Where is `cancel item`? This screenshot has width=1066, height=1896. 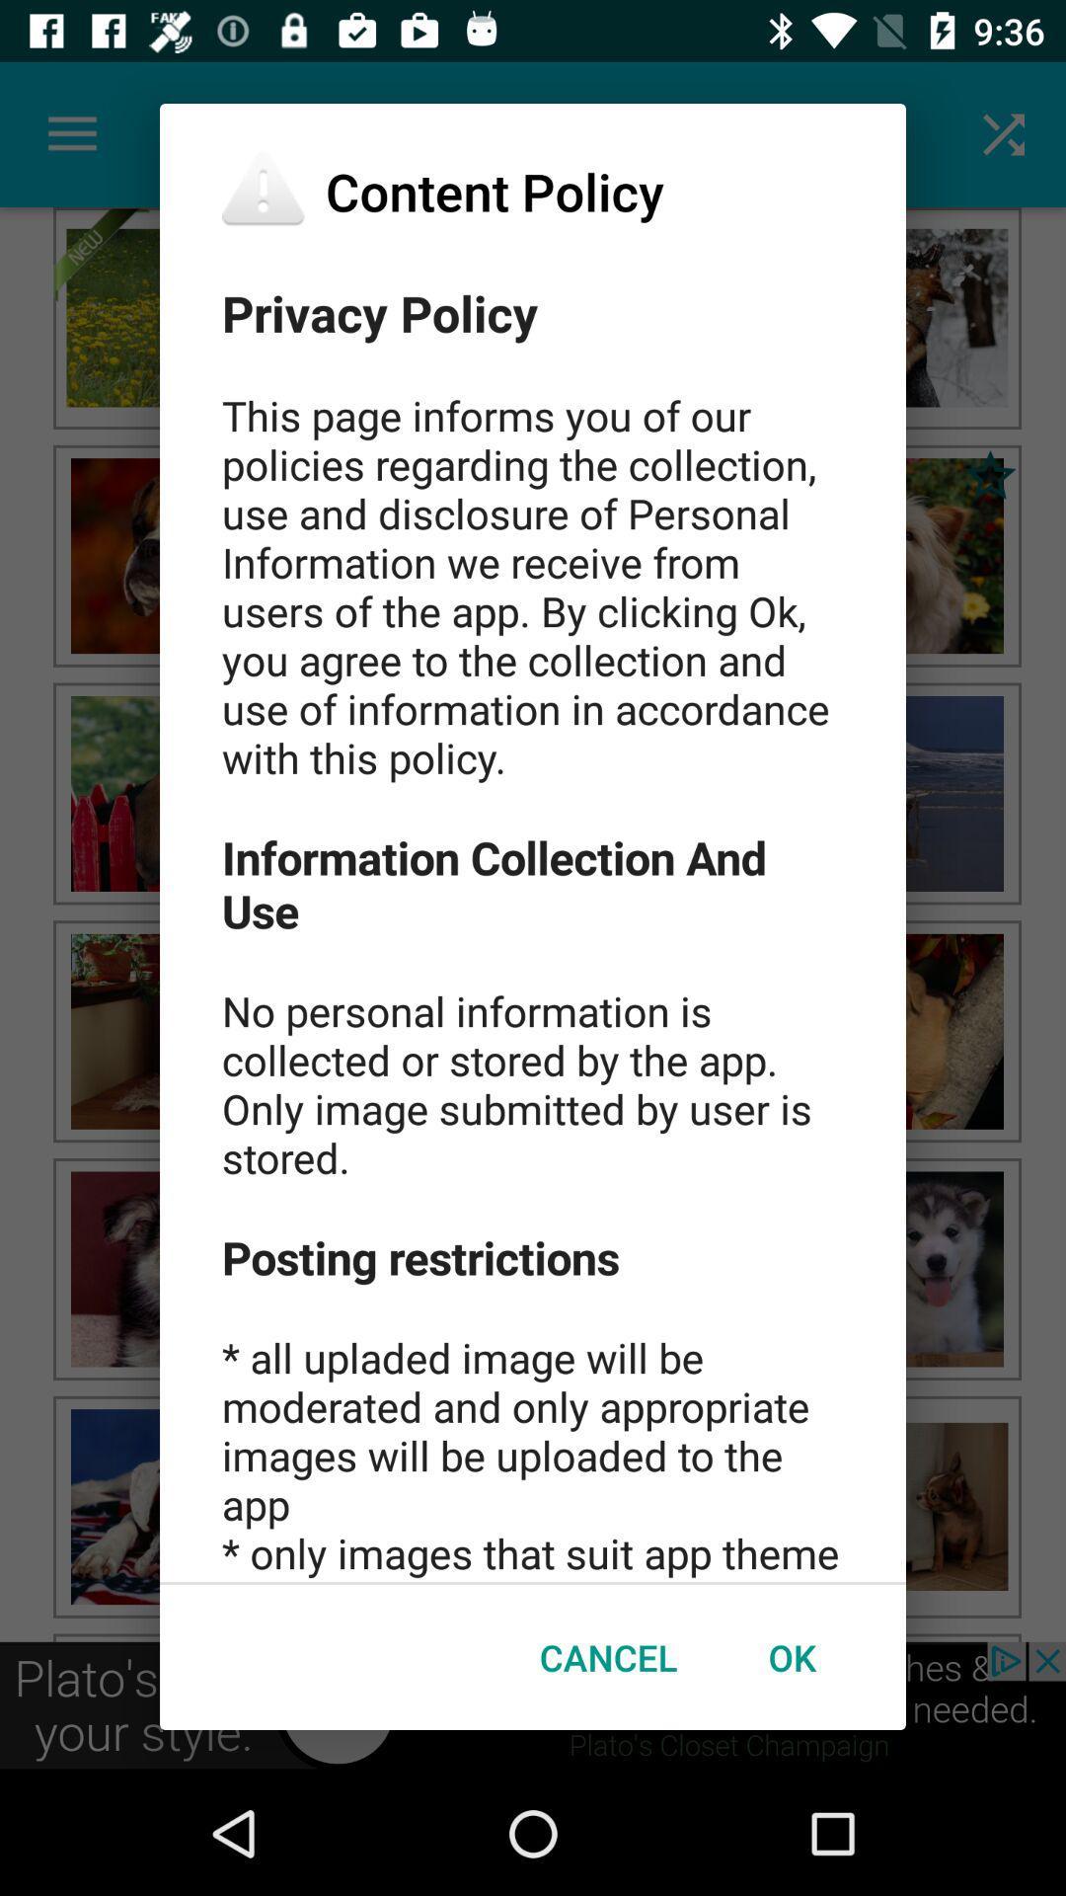 cancel item is located at coordinates (607, 1657).